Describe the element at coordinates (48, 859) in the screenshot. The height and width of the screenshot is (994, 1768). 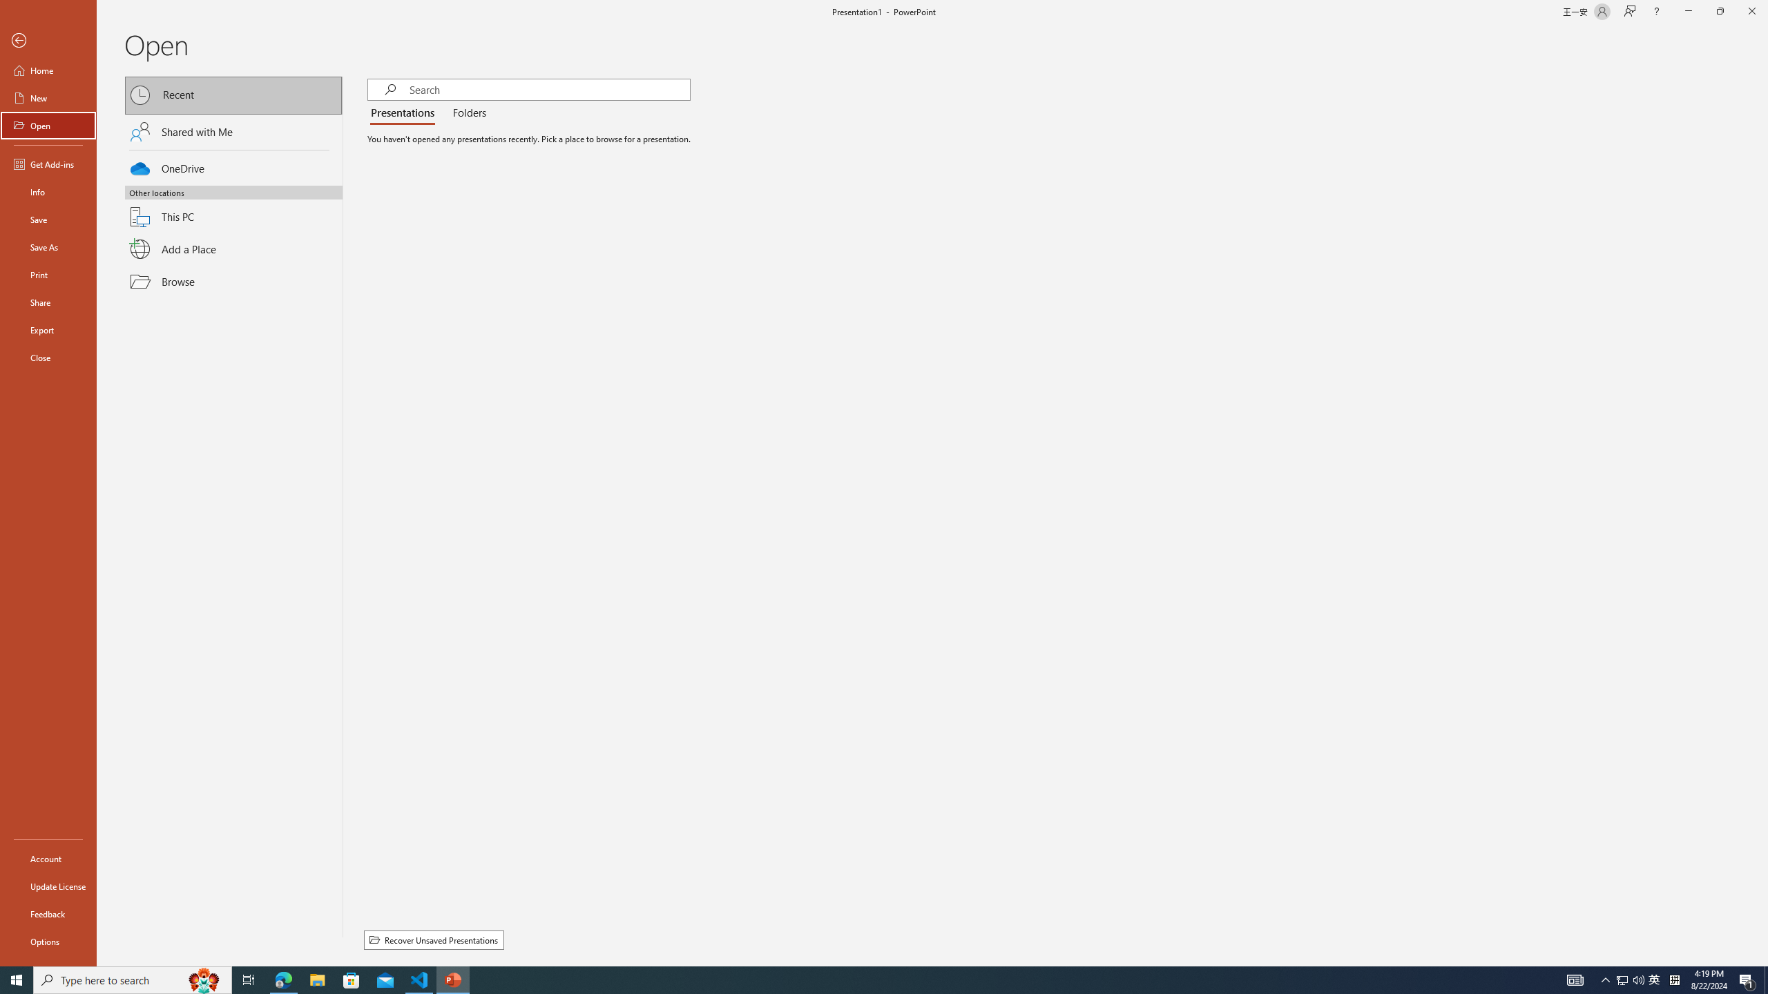
I see `'Account'` at that location.